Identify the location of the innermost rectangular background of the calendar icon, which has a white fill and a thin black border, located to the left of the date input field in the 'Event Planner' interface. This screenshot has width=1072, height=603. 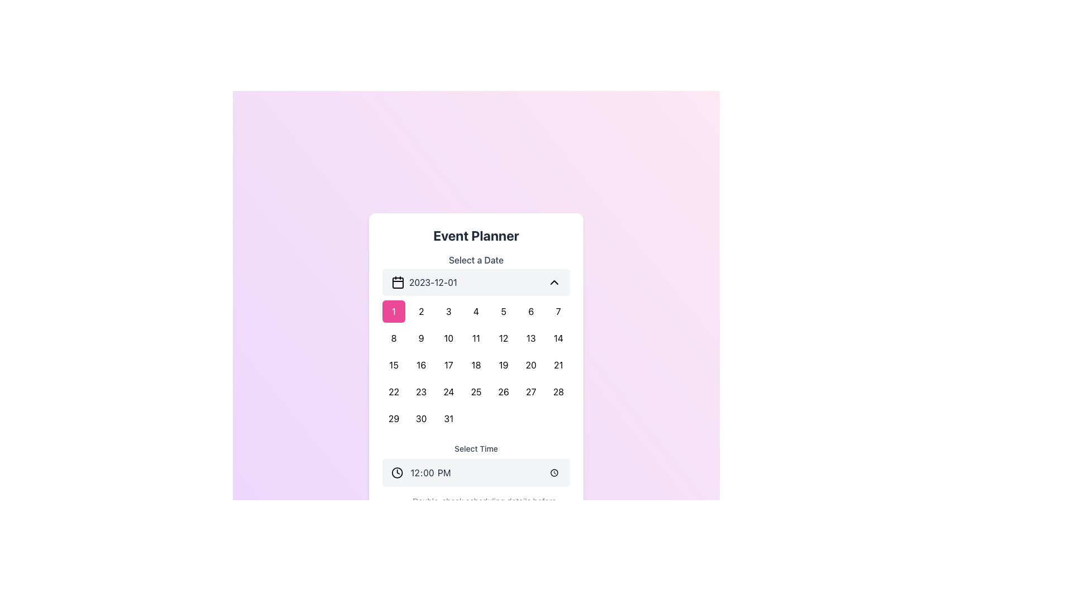
(398, 282).